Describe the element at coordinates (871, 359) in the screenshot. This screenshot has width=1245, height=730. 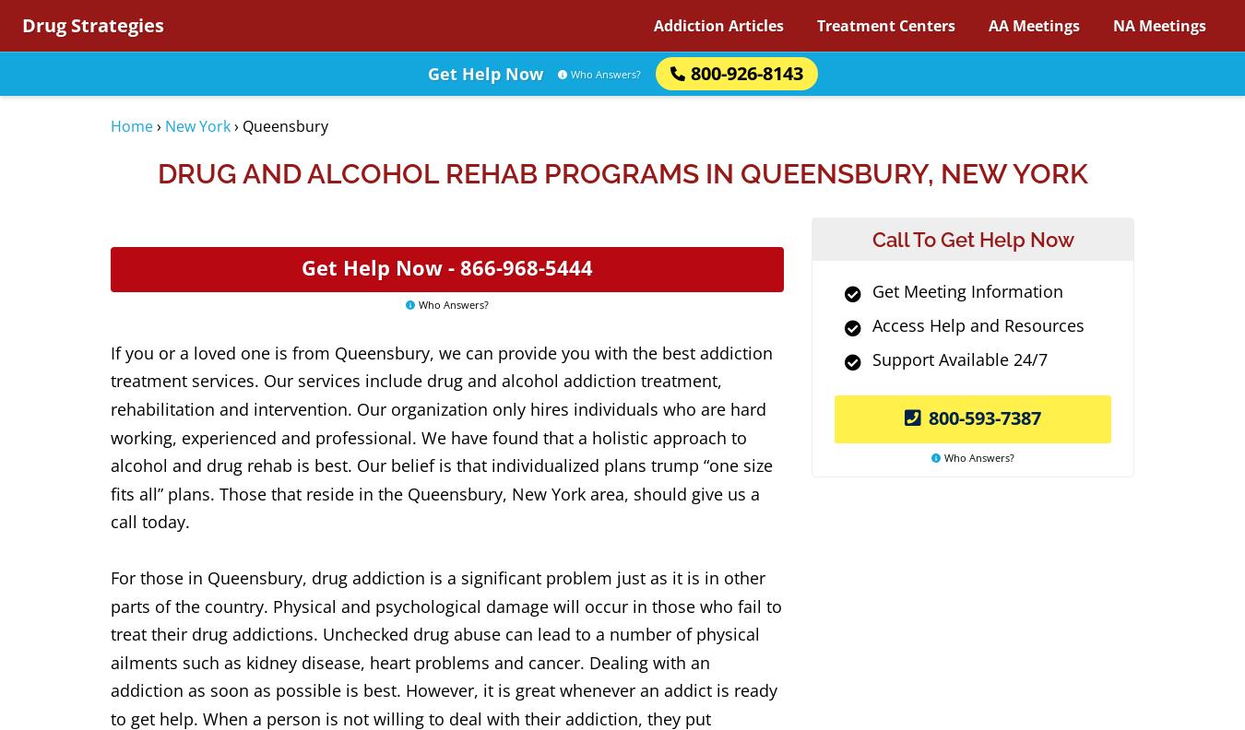
I see `'Support Available 24/7'` at that location.